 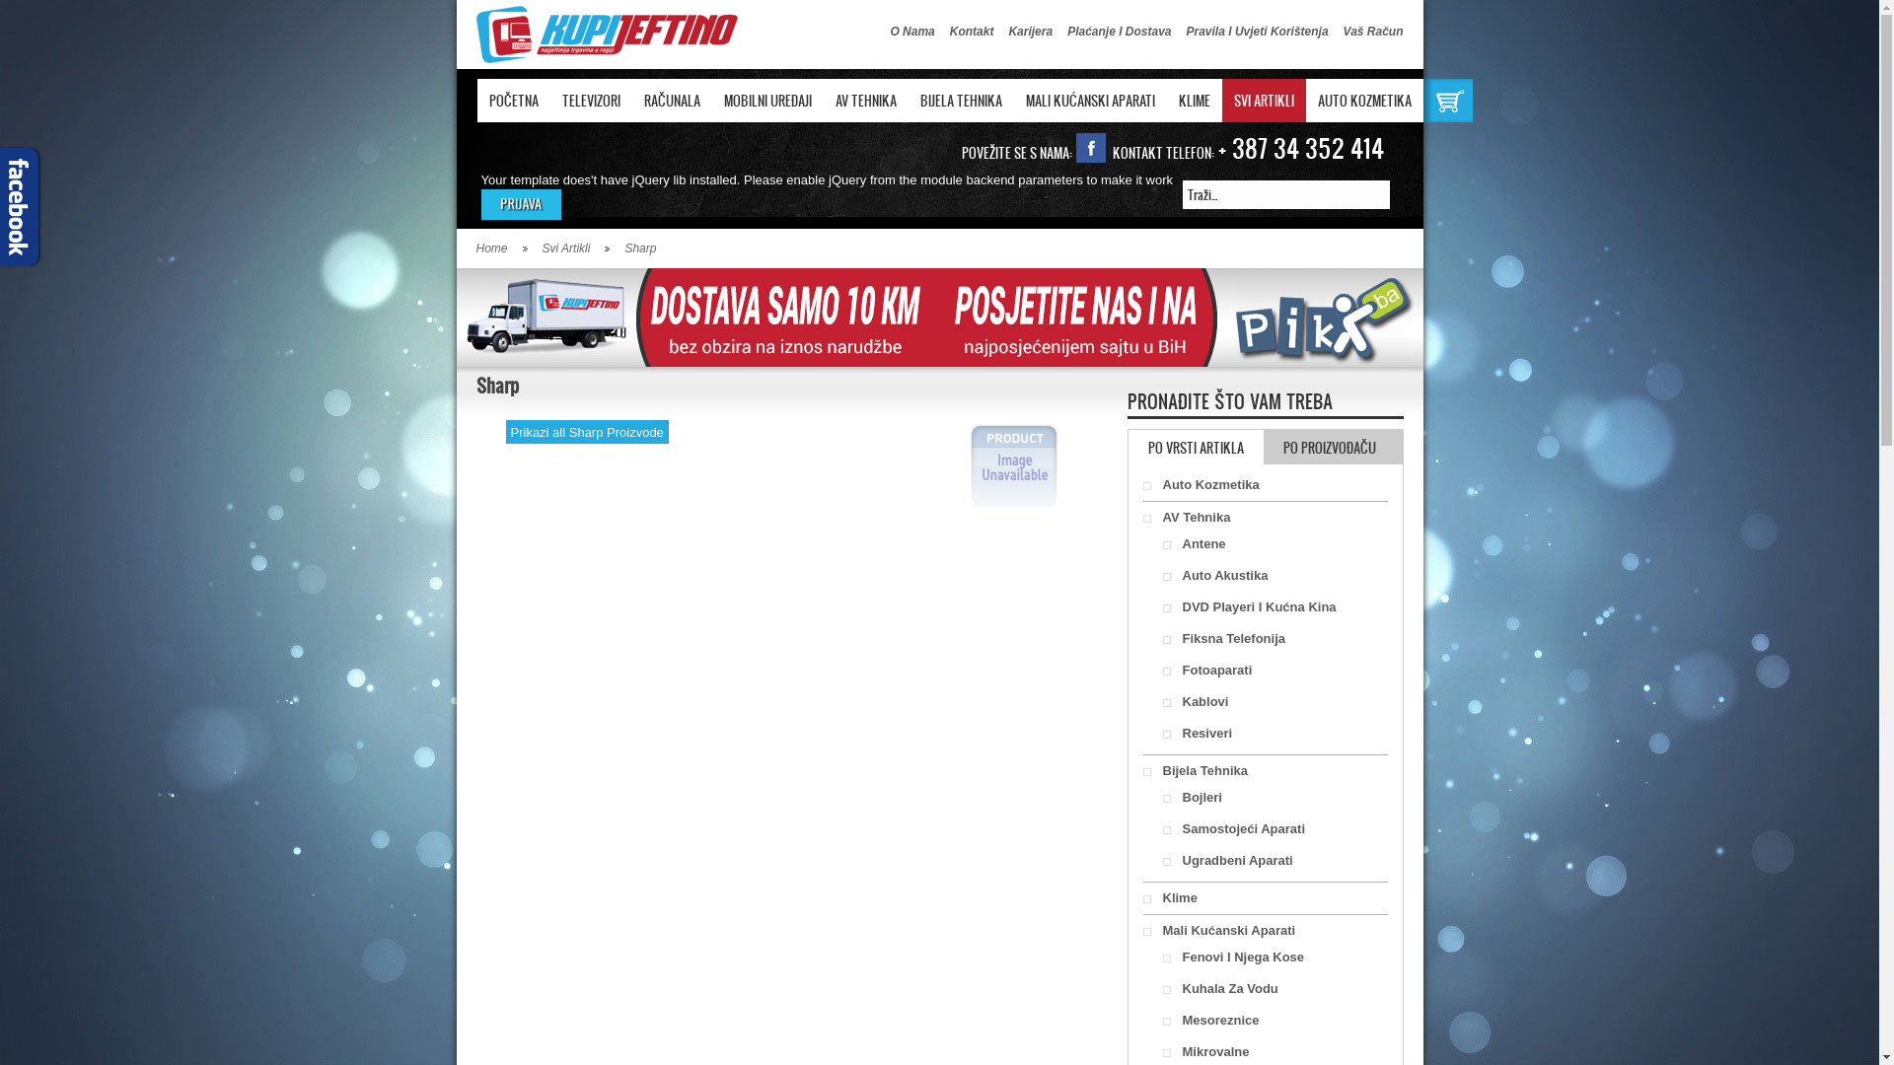 What do you see at coordinates (585, 431) in the screenshot?
I see `'Prikazi all Sharp Proizvode'` at bounding box center [585, 431].